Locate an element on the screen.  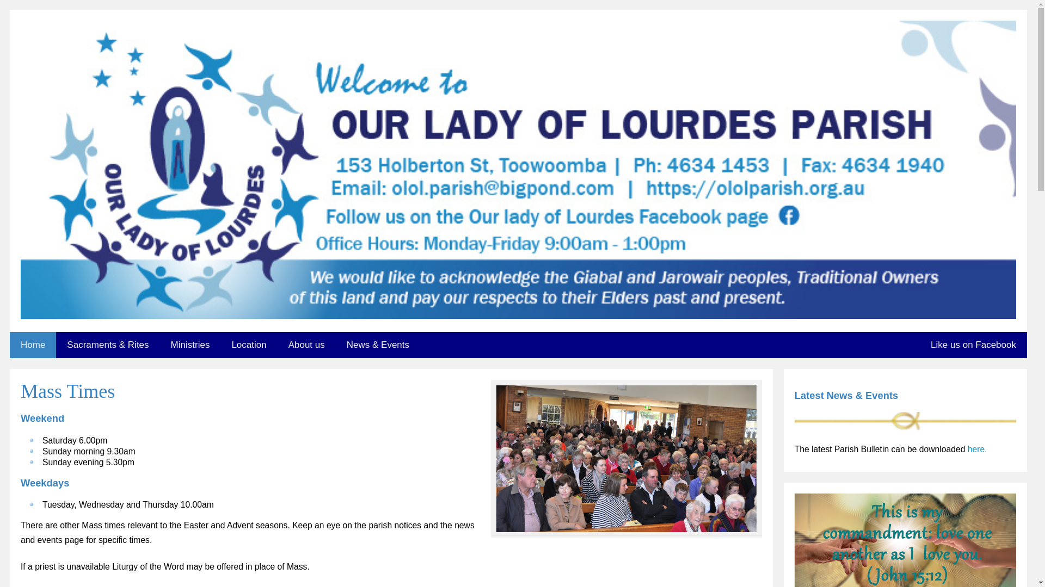
'Like us on Facebook' is located at coordinates (973, 345).